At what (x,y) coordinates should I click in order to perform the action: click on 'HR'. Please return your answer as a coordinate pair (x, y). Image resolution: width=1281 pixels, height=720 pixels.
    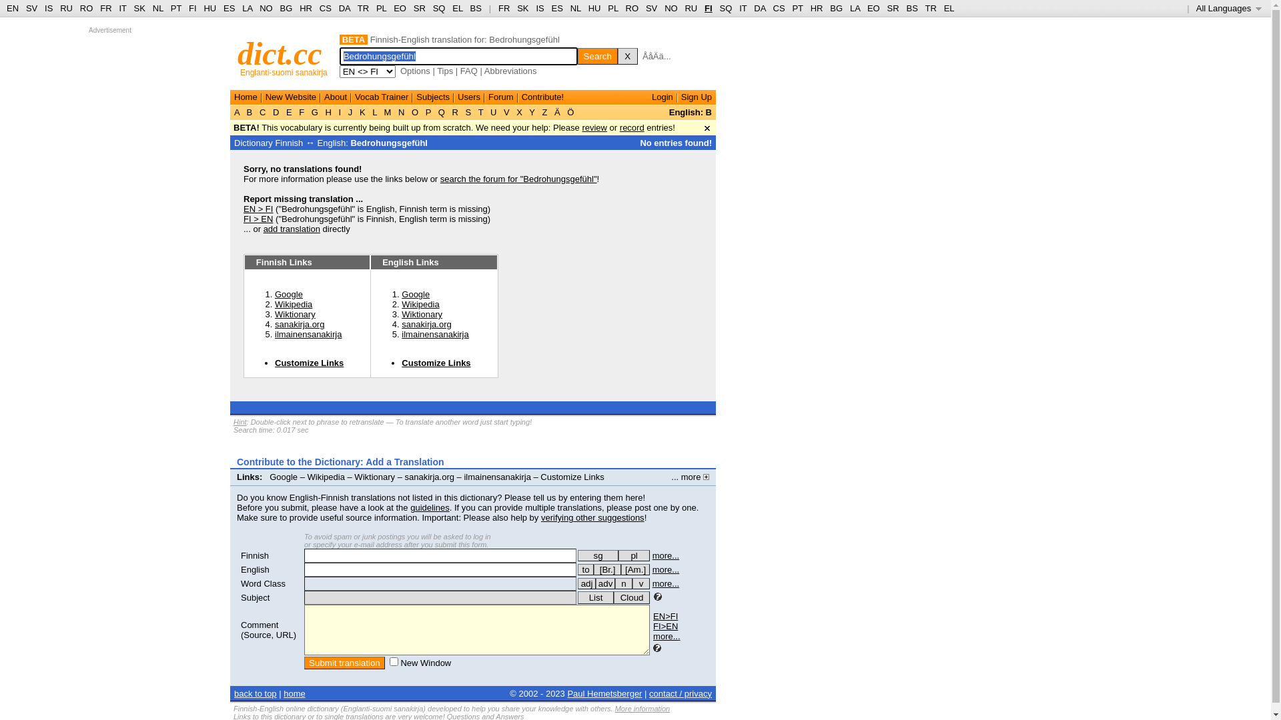
    Looking at the image, I should click on (816, 8).